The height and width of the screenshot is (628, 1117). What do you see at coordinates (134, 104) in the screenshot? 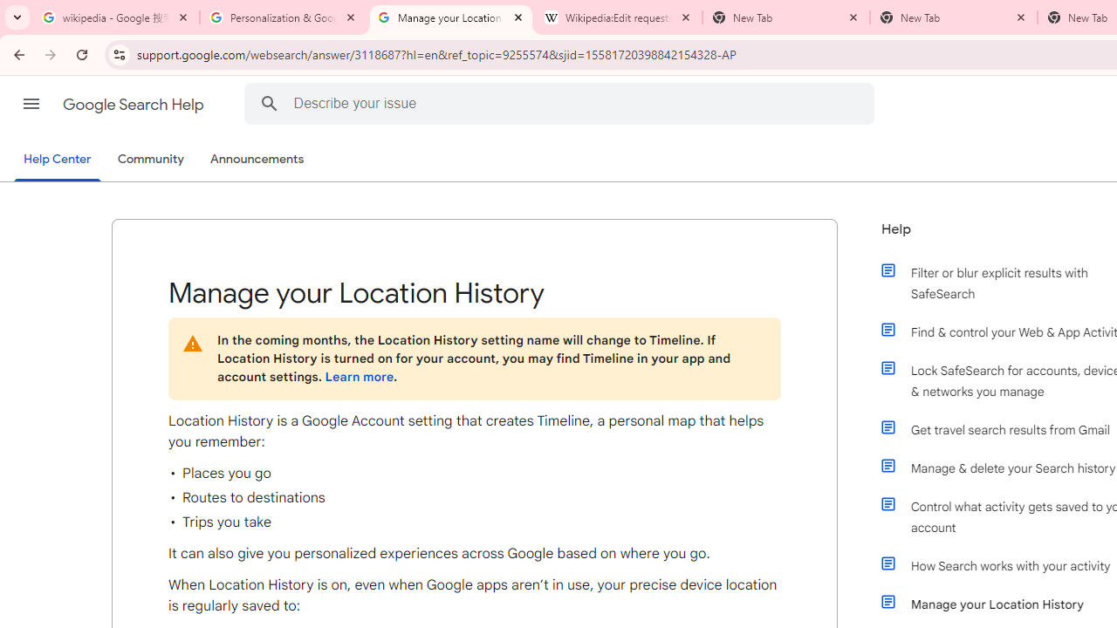
I see `'Google Search Help'` at bounding box center [134, 104].